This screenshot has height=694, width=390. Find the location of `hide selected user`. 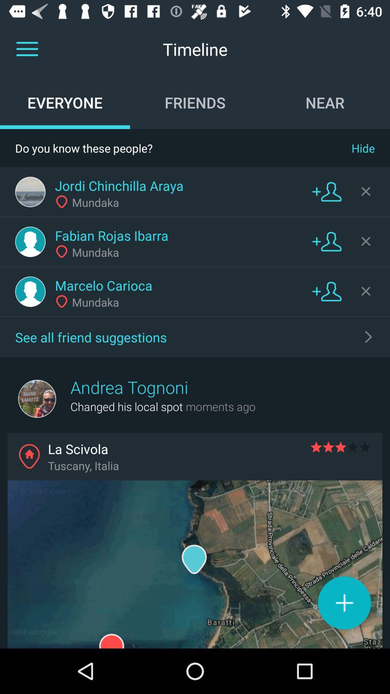

hide selected user is located at coordinates (366, 291).